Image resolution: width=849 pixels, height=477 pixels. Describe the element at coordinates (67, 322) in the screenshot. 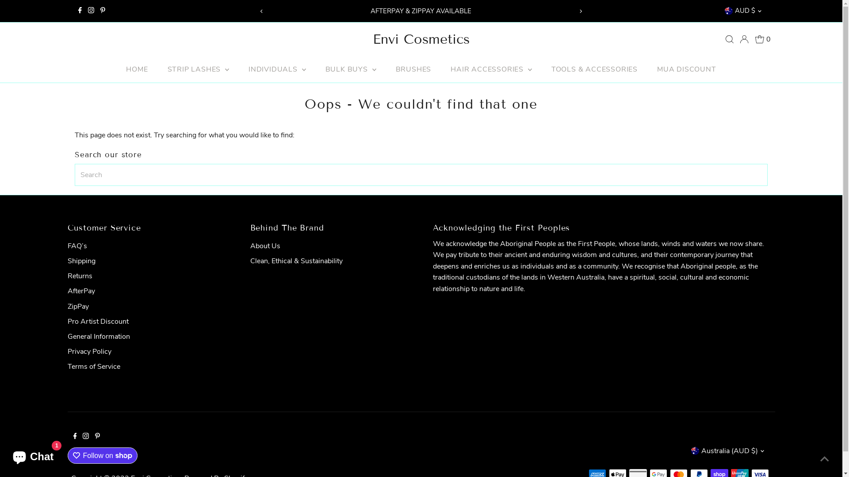

I see `'Pro Artist Discount'` at that location.